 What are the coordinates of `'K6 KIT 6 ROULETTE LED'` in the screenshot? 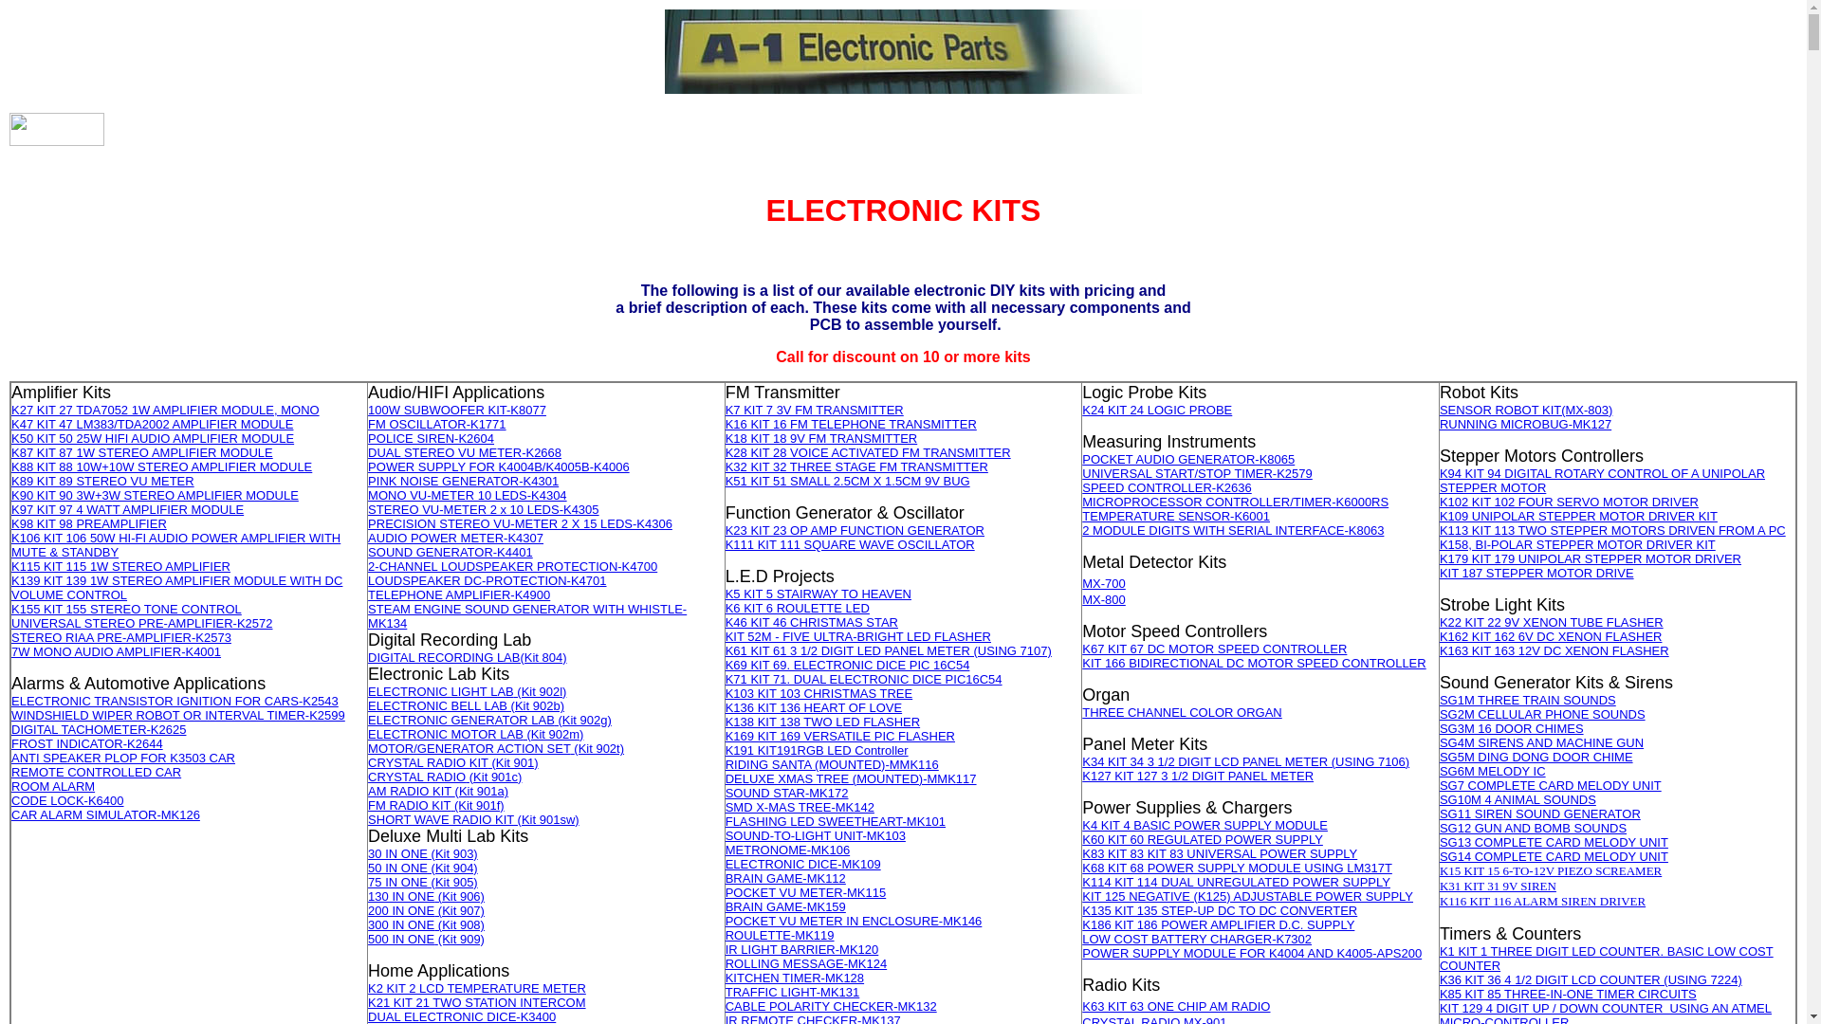 It's located at (797, 608).